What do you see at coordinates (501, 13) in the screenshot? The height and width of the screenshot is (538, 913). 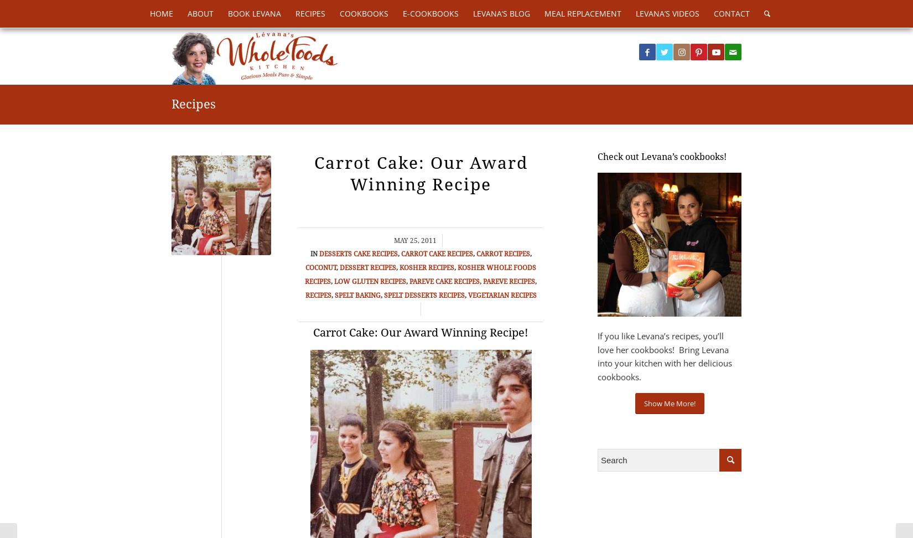 I see `'Levana’s Blog'` at bounding box center [501, 13].